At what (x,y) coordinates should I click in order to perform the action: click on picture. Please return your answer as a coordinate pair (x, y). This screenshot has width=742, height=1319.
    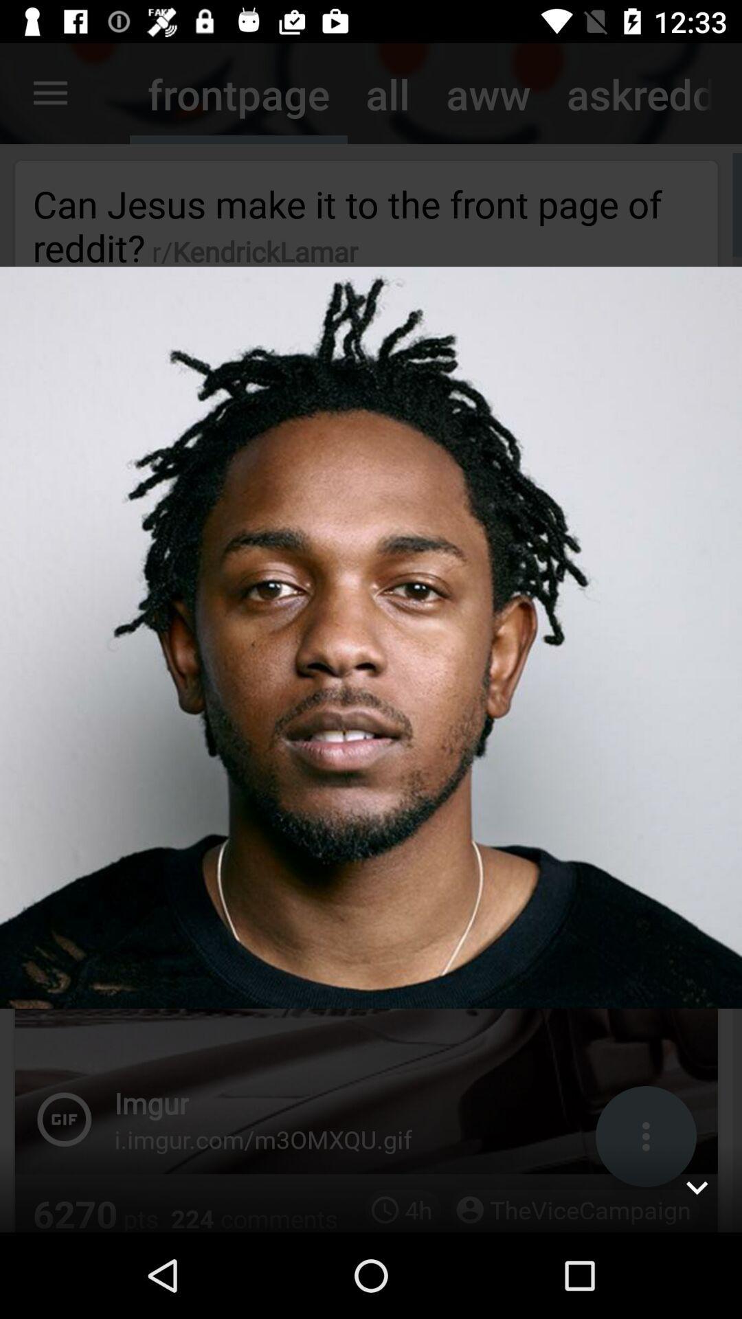
    Looking at the image, I should click on (697, 1186).